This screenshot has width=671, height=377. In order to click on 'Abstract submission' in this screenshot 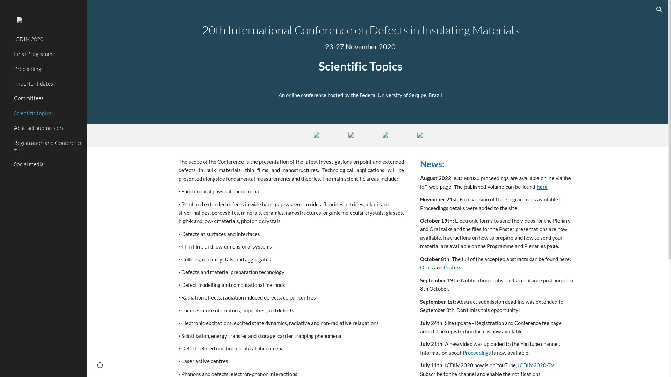, I will do `click(48, 128)`.